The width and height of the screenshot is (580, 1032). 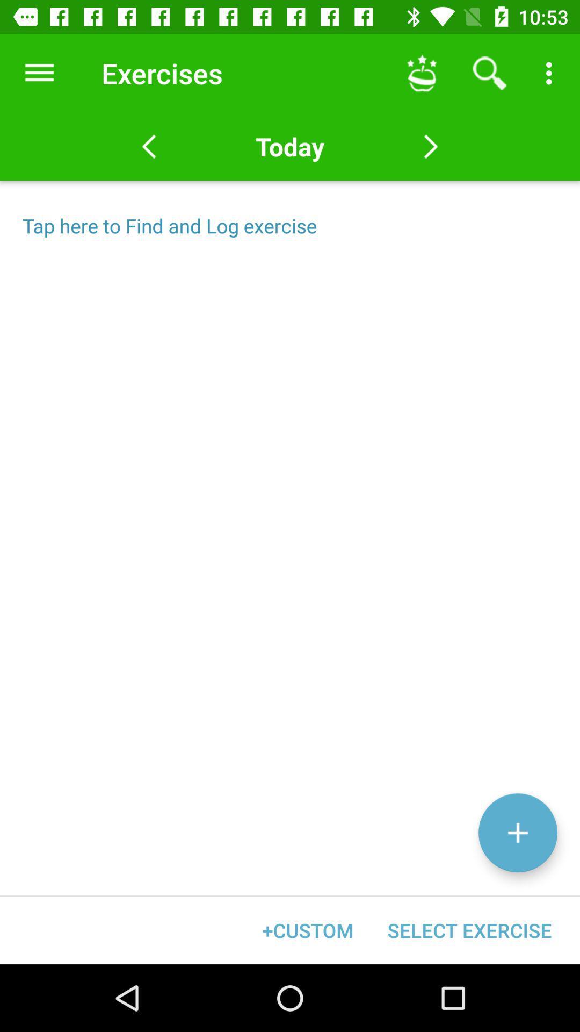 I want to click on the item at the top, so click(x=290, y=146).